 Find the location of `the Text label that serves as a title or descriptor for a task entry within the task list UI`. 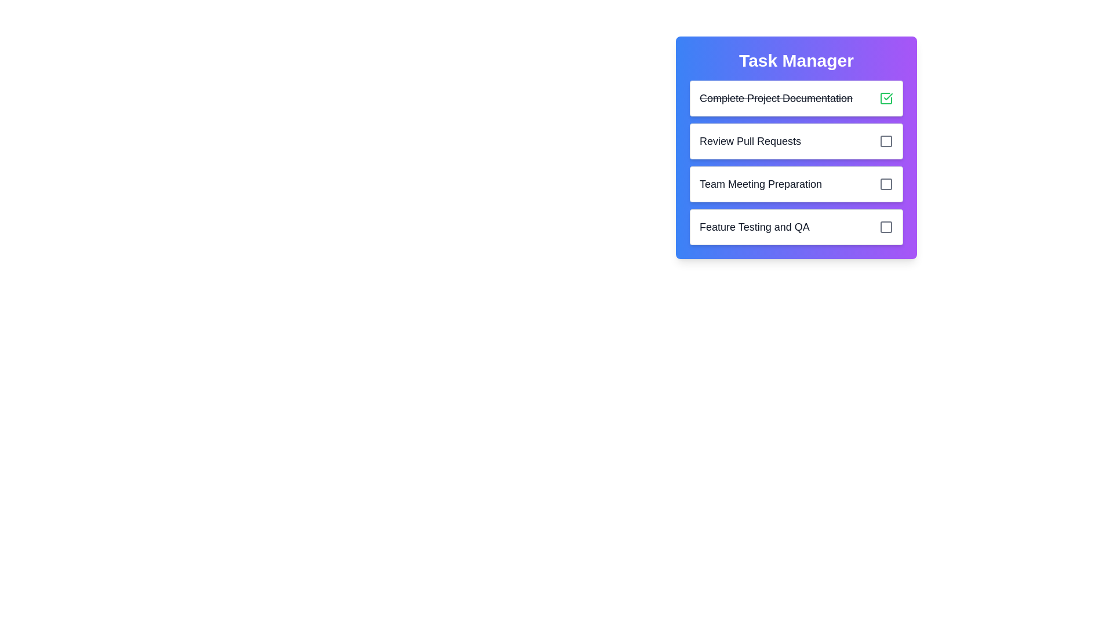

the Text label that serves as a title or descriptor for a task entry within the task list UI is located at coordinates (754, 227).